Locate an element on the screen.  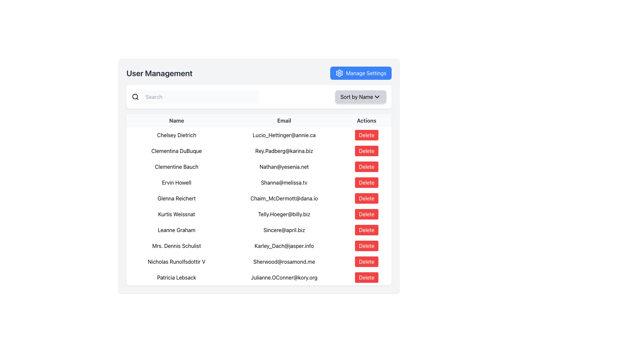
the red 'Delete' button with rounded edges in the 'Actions' column of the table associated with the email 'Rey.Padberg@karina.biz' is located at coordinates (366, 151).